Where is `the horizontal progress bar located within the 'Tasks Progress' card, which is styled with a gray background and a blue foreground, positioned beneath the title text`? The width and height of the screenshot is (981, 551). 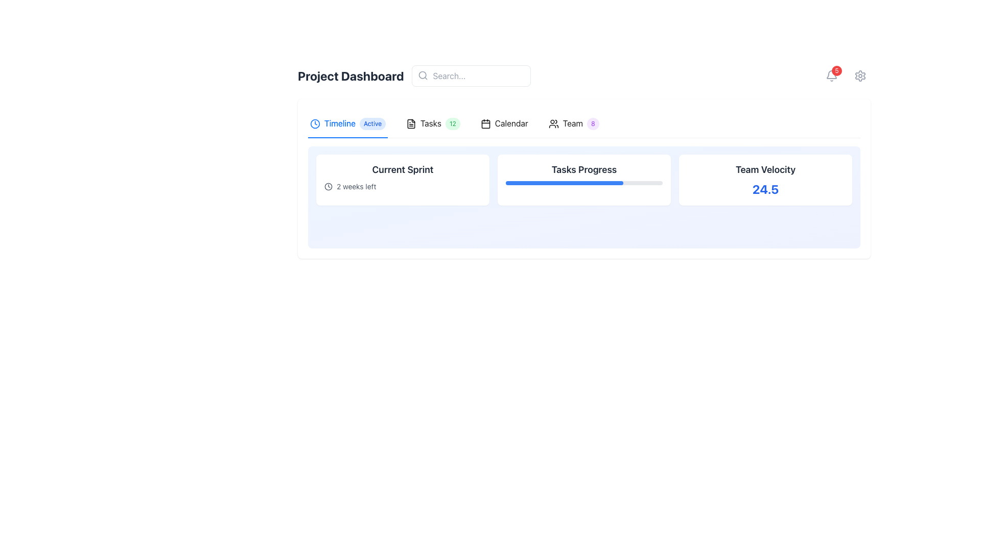
the horizontal progress bar located within the 'Tasks Progress' card, which is styled with a gray background and a blue foreground, positioned beneath the title text is located at coordinates (584, 183).